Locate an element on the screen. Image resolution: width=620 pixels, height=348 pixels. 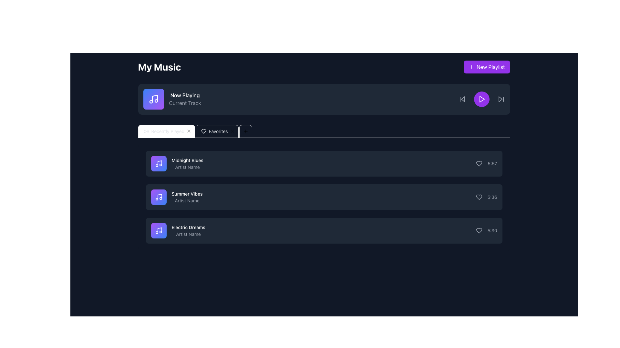
the small 'X' button located in the 'Recently Played' tab header is located at coordinates (189, 131).